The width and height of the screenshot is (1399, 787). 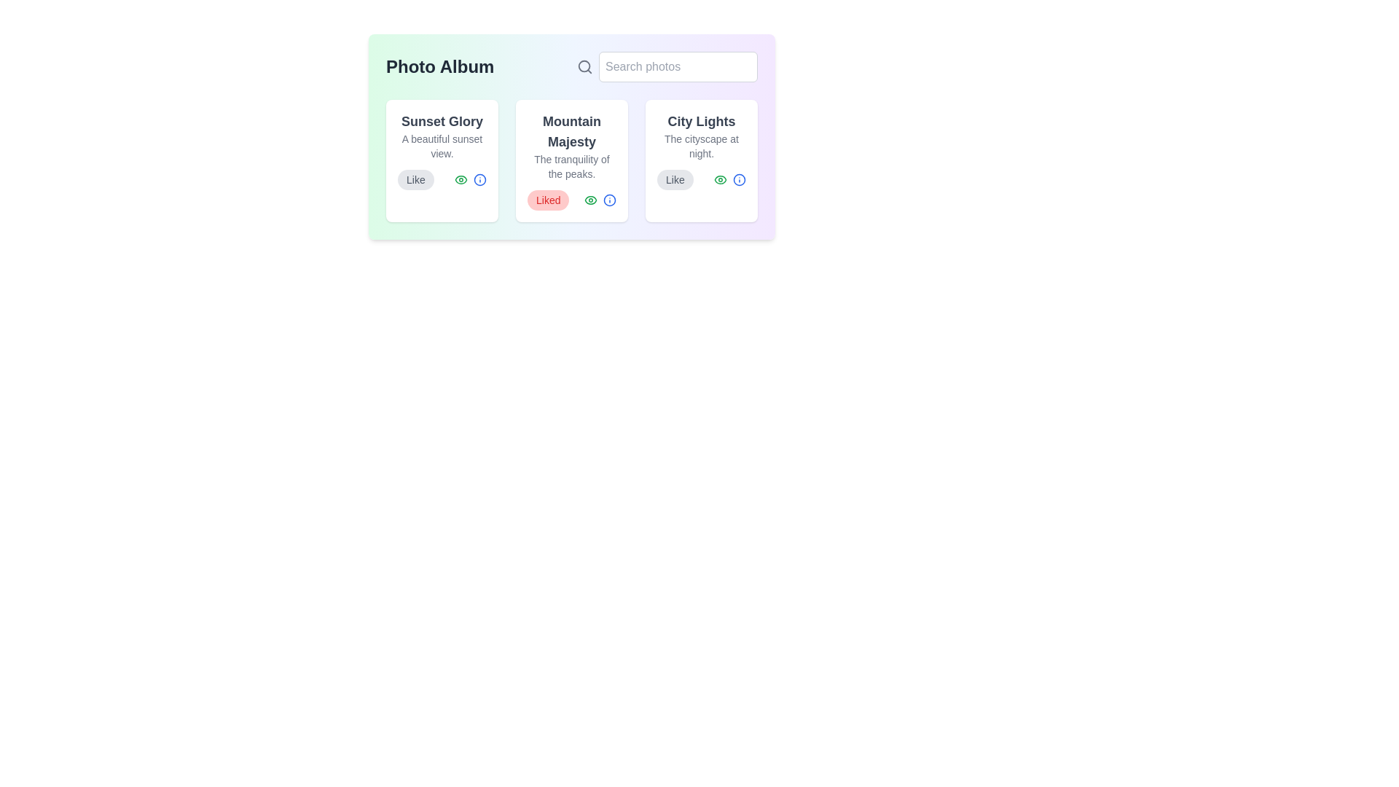 I want to click on the information icon of the photo titled Sunset Glory, so click(x=479, y=179).